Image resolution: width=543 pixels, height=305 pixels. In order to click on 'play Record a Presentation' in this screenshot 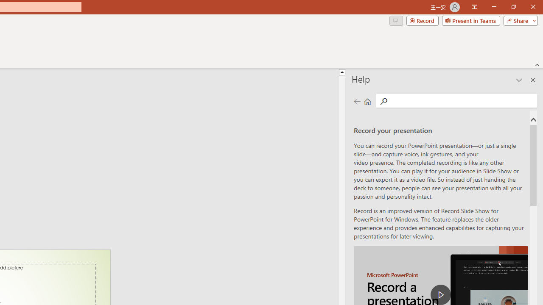, I will do `click(440, 294)`.